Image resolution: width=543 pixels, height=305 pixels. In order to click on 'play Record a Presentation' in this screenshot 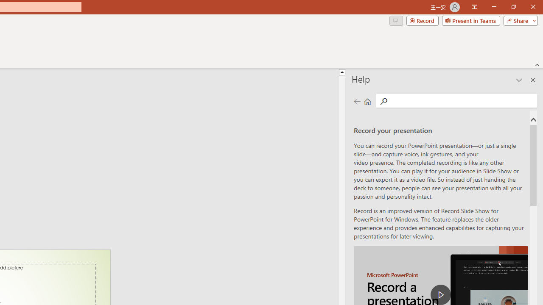, I will do `click(440, 294)`.